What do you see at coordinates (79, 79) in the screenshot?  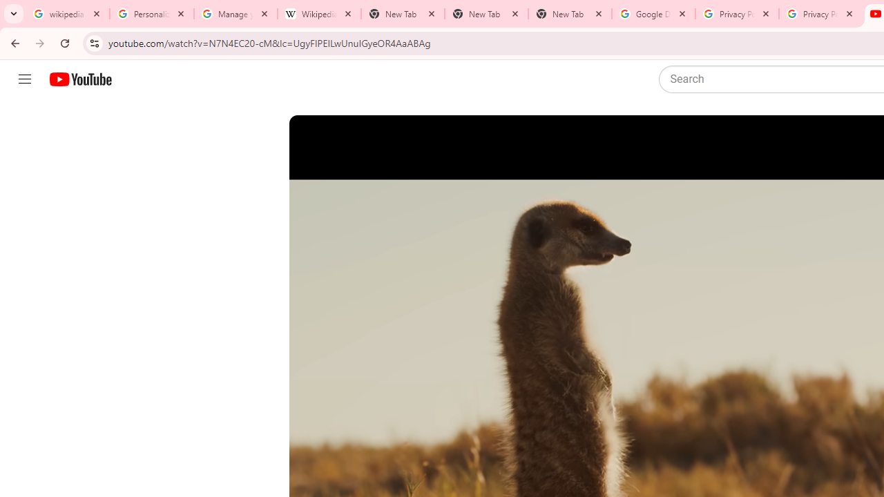 I see `'YouTube Home'` at bounding box center [79, 79].